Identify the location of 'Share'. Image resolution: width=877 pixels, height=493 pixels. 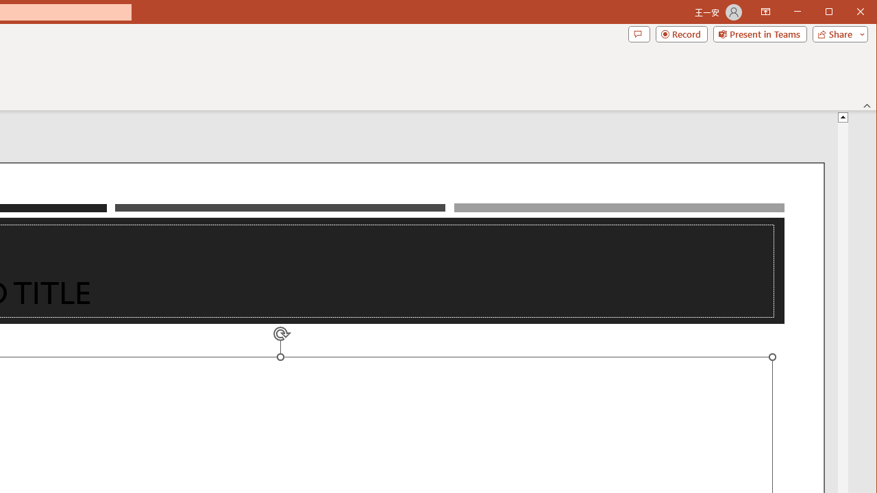
(837, 34).